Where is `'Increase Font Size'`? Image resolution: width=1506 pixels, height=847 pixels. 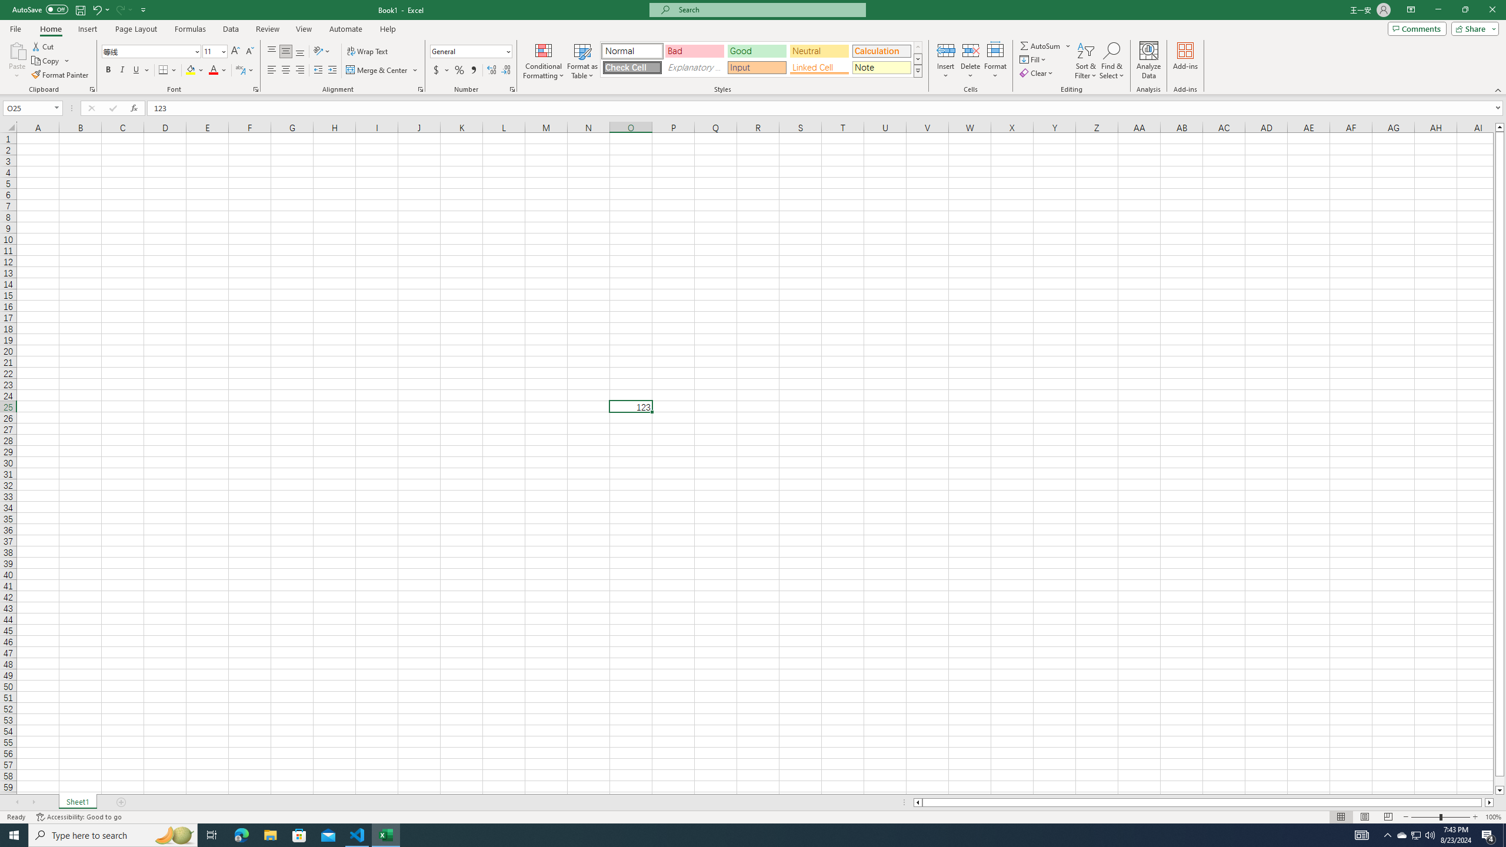 'Increase Font Size' is located at coordinates (235, 51).